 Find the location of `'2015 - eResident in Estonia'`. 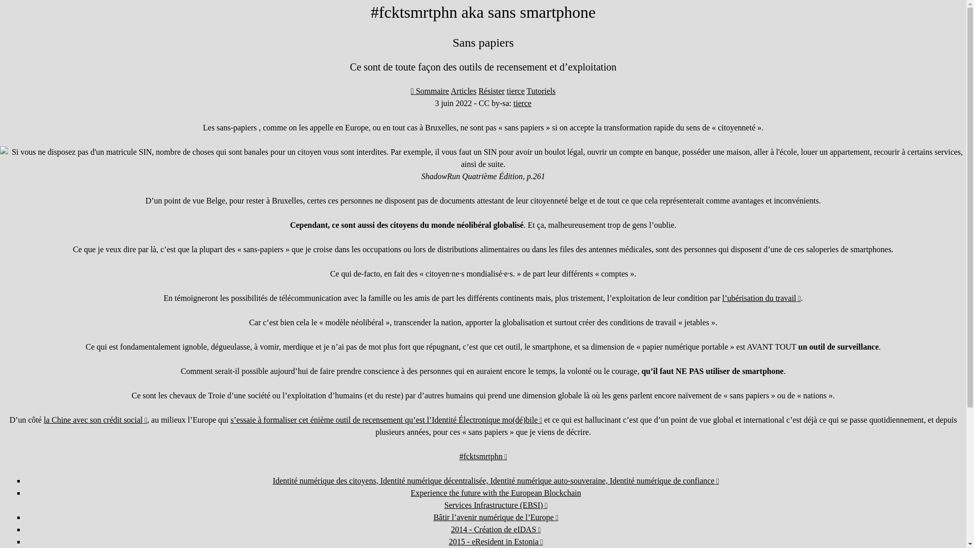

'2015 - eResident in Estonia' is located at coordinates (448, 541).